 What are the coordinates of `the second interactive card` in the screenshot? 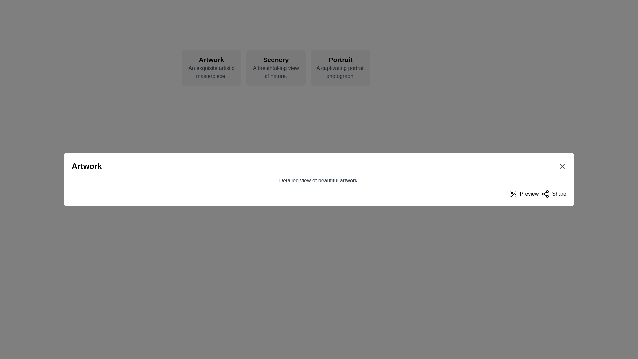 It's located at (276, 68).